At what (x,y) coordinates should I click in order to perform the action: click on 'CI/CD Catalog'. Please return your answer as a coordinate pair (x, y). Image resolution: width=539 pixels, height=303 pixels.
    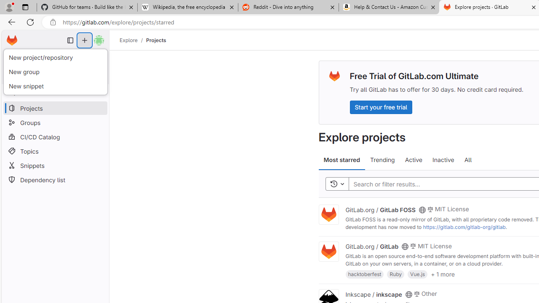
    Looking at the image, I should click on (55, 136).